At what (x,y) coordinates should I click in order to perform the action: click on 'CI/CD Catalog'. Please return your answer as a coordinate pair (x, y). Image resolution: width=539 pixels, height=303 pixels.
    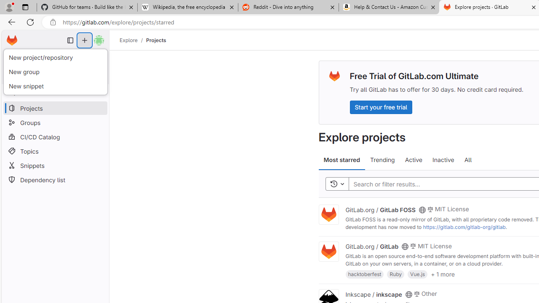
    Looking at the image, I should click on (55, 136).